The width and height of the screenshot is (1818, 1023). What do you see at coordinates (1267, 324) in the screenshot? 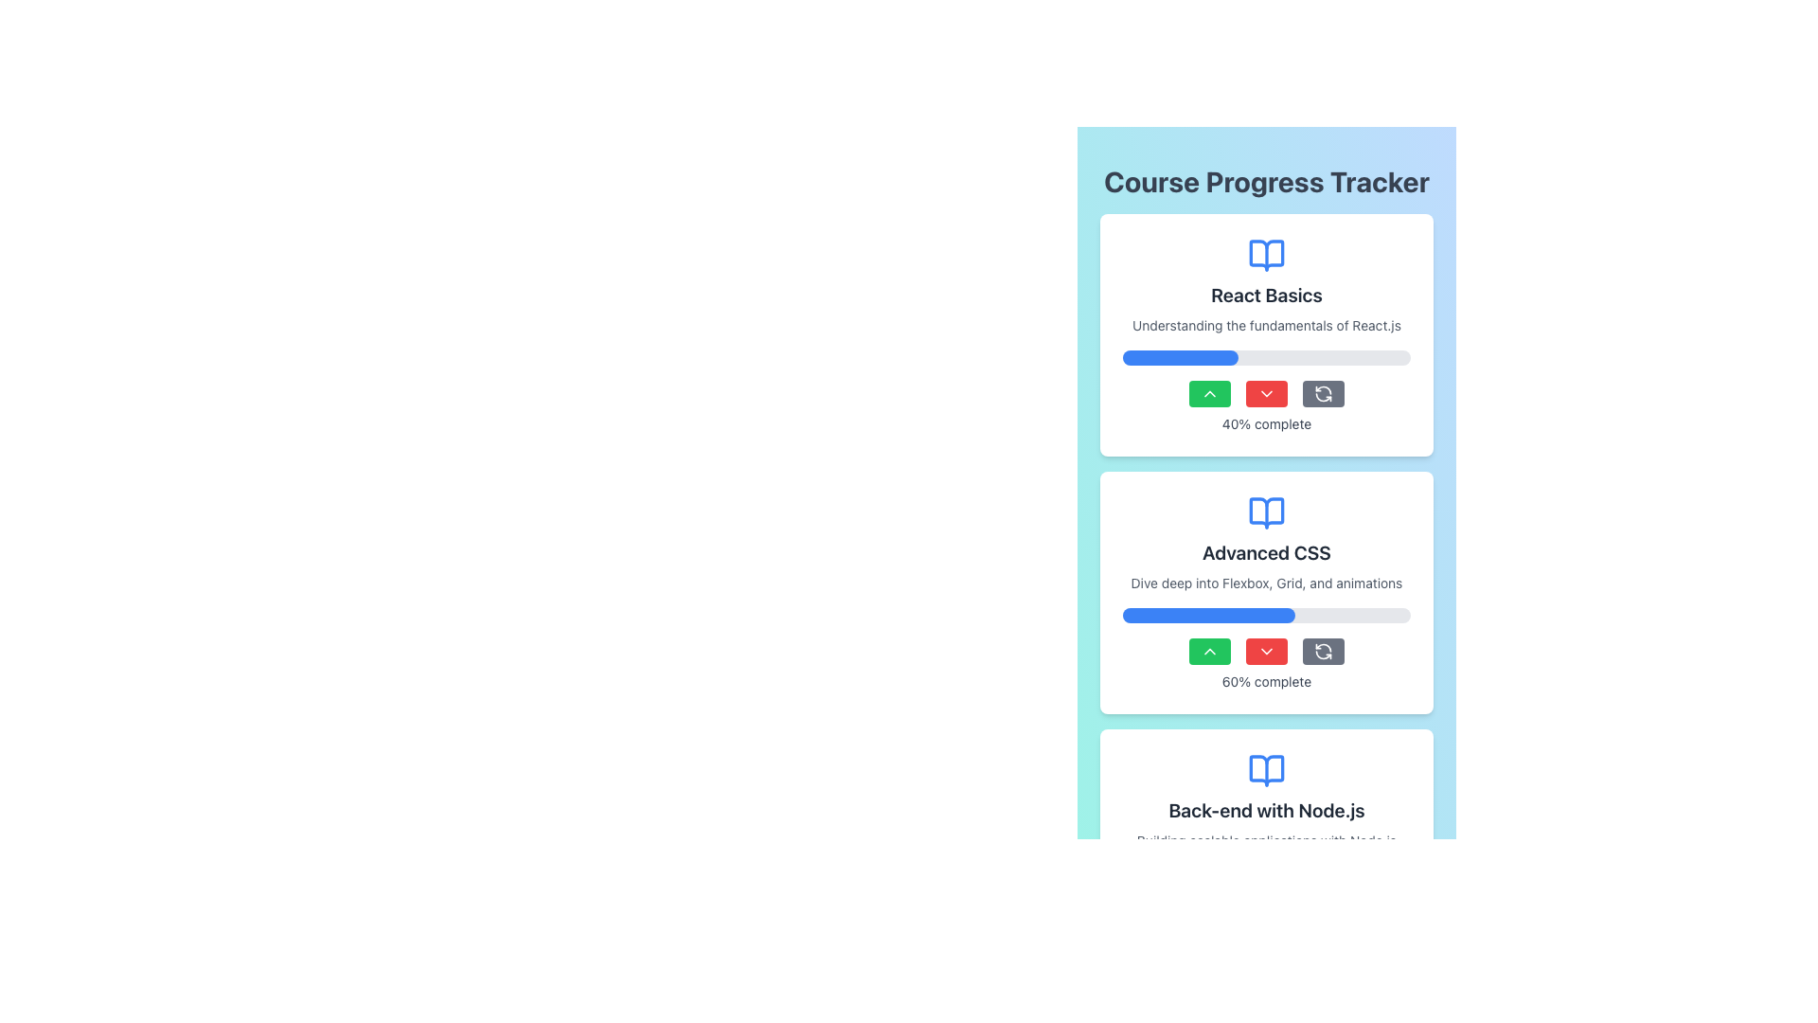
I see `the text segment that reads 'Understanding the fundamentals of React.js', which is styled in gray and positioned centrally below the 'React Basics' card title` at bounding box center [1267, 324].